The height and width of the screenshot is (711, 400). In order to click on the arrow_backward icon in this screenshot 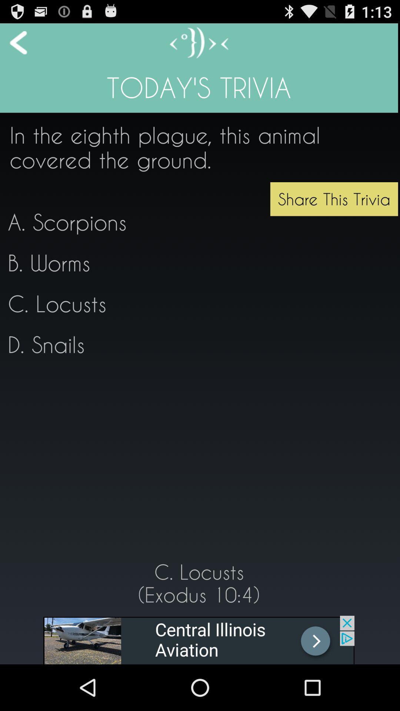, I will do `click(13, 45)`.